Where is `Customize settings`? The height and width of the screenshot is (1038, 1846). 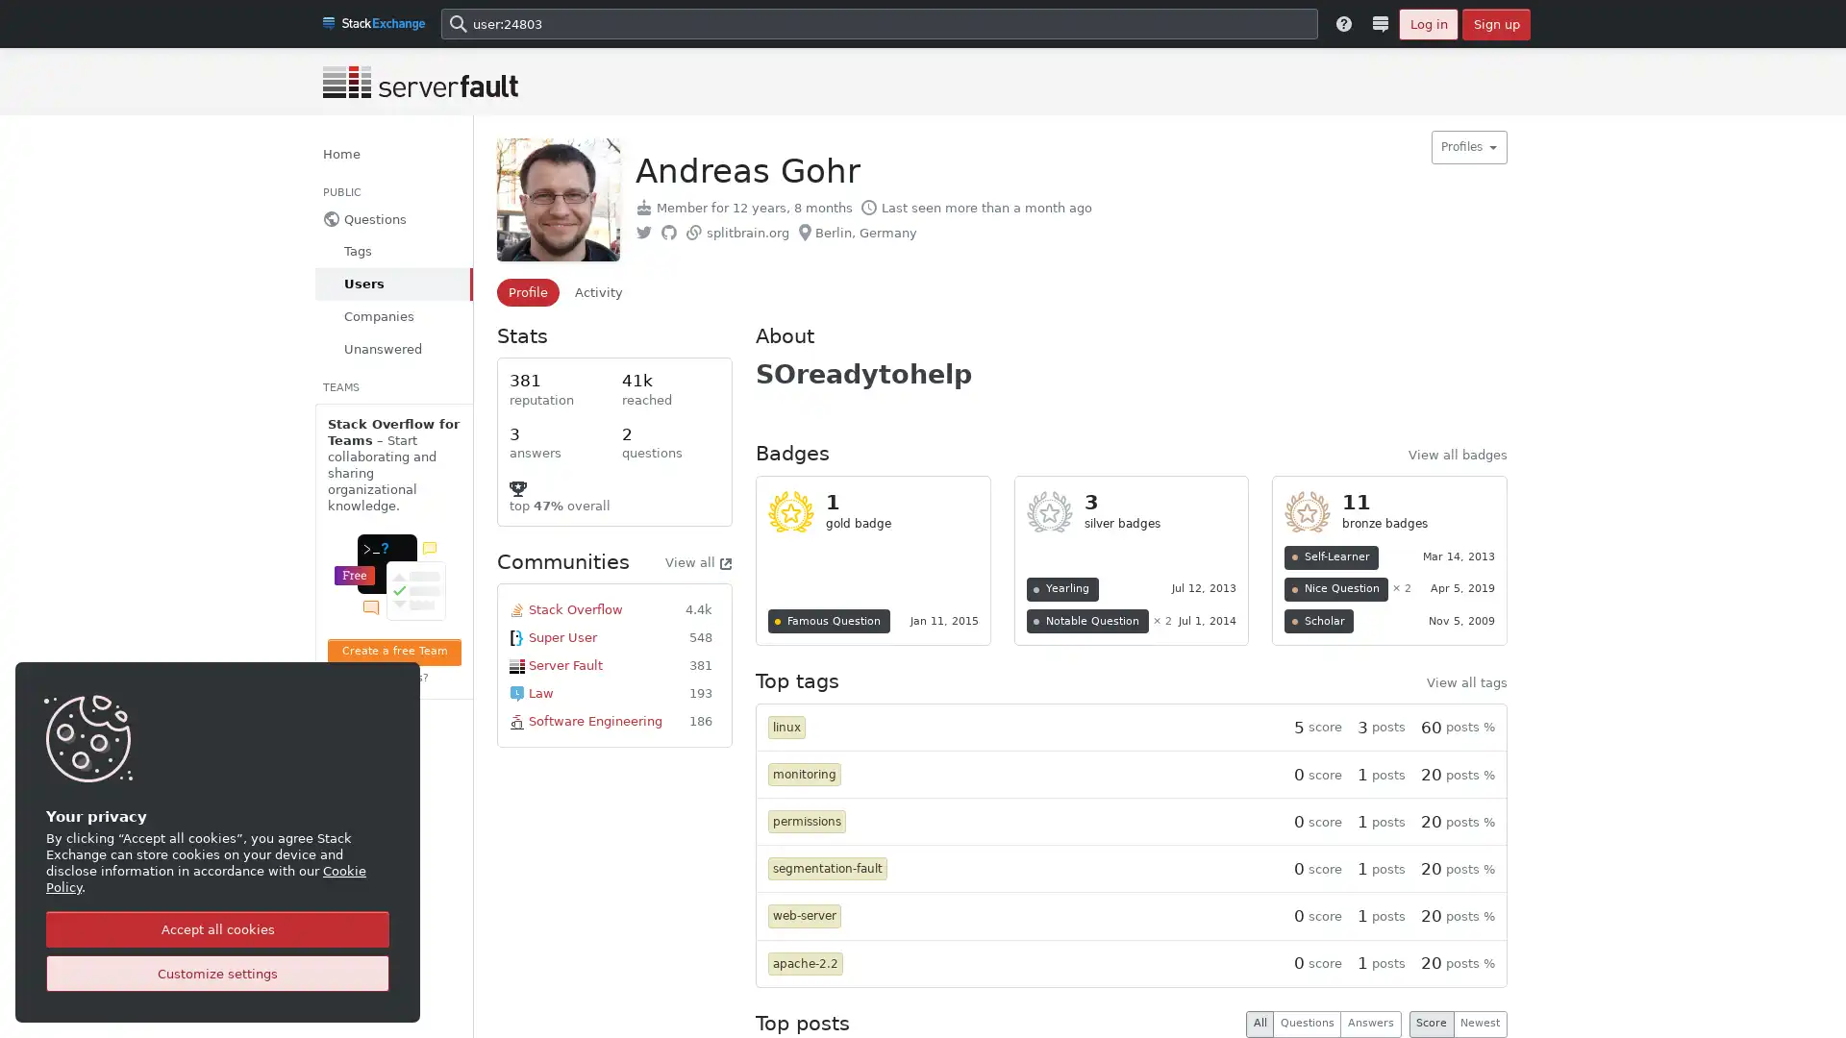
Customize settings is located at coordinates (217, 974).